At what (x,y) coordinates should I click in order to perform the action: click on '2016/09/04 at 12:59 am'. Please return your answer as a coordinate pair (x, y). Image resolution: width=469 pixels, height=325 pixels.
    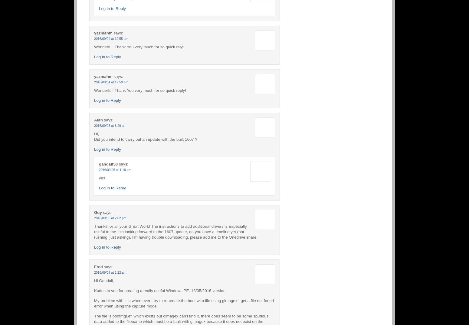
    Looking at the image, I should click on (111, 82).